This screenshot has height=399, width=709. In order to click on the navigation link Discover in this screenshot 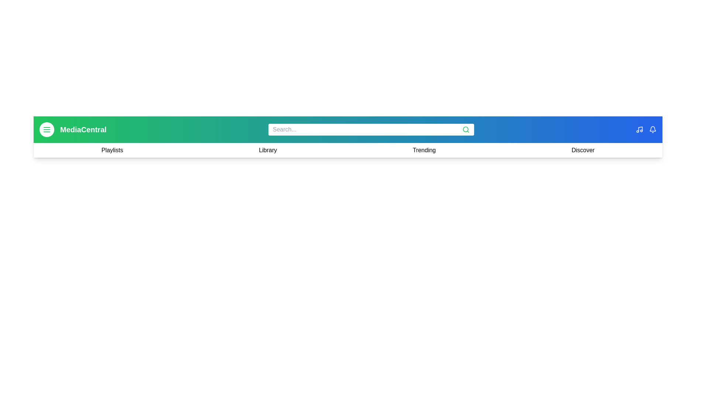, I will do `click(583, 150)`.